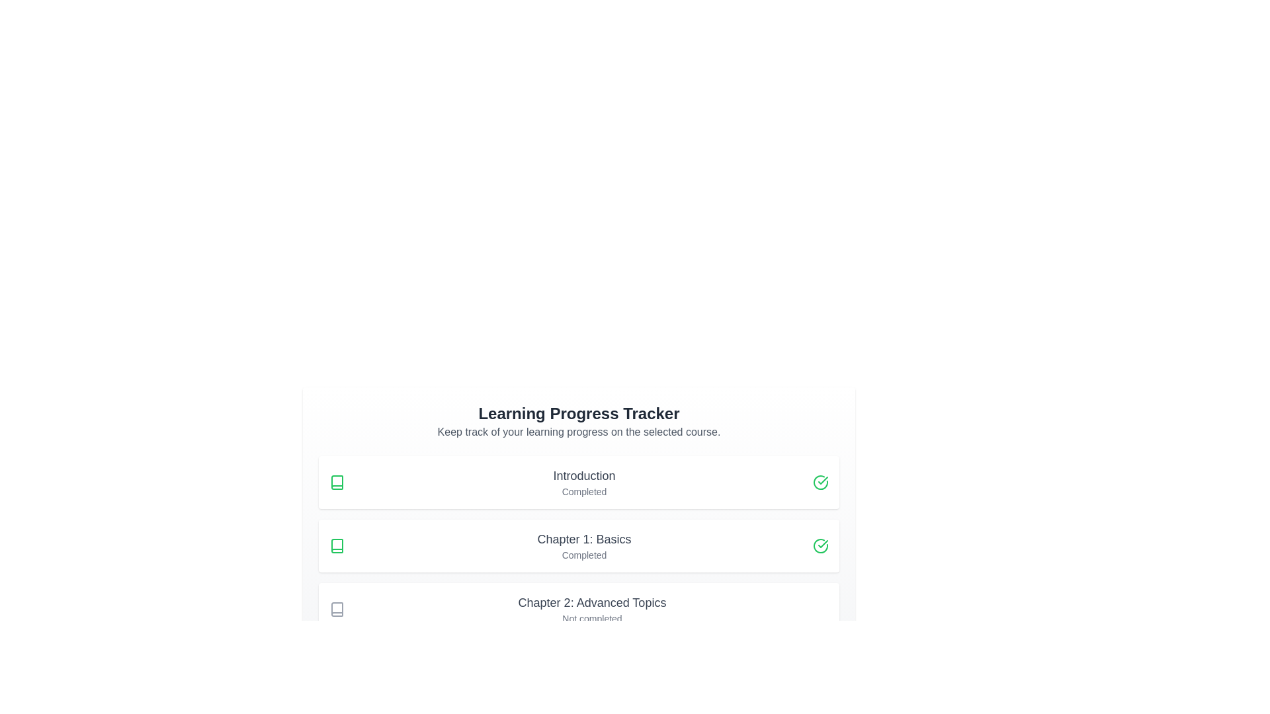 The height and width of the screenshot is (714, 1270). What do you see at coordinates (820, 545) in the screenshot?
I see `the green circular completion indicator icon located to the right of the list item labeled 'Chapter 1: Basics' in the progress tracker section` at bounding box center [820, 545].